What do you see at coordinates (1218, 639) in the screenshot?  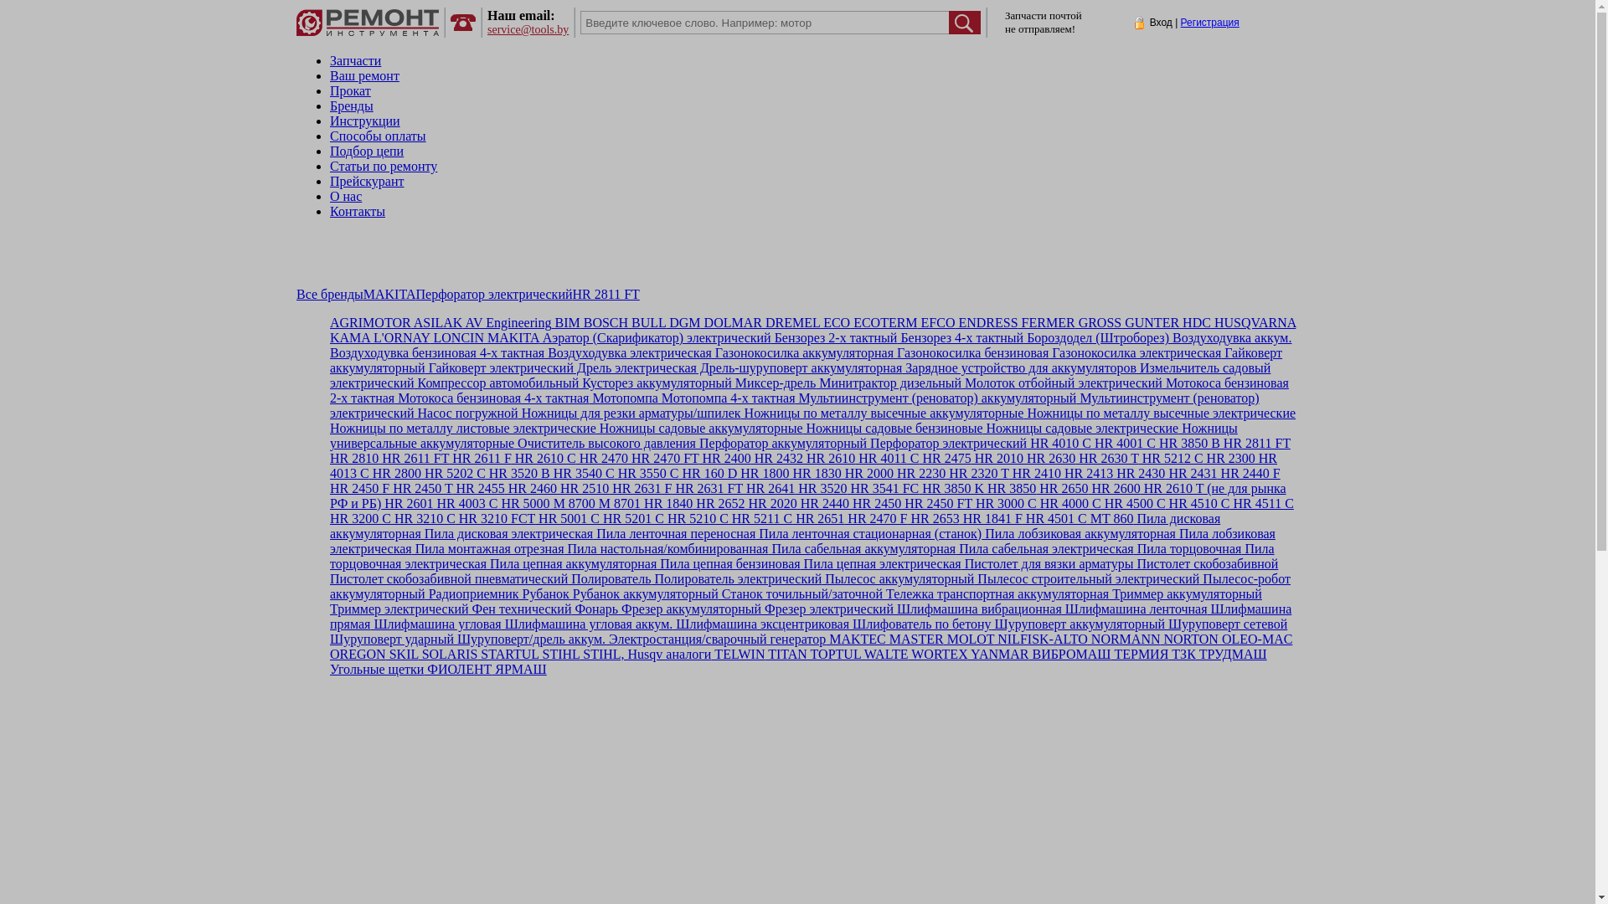 I see `'OLEO-MAC'` at bounding box center [1218, 639].